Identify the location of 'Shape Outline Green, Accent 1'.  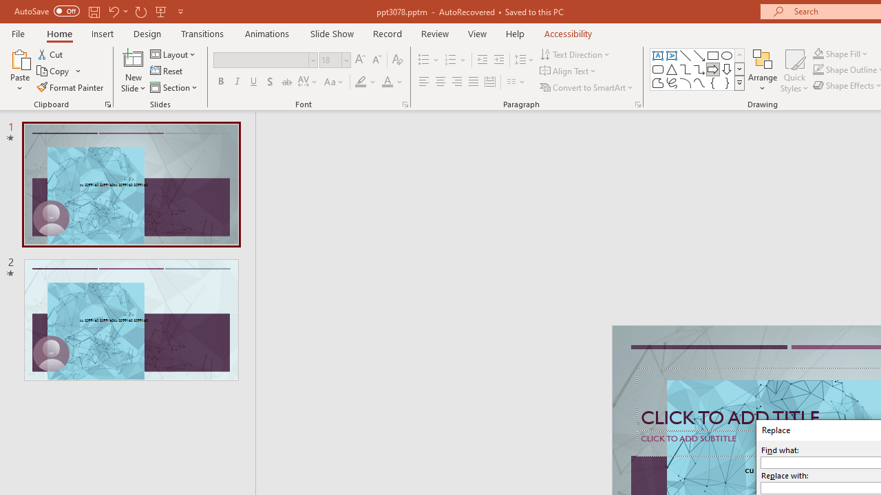
(818, 69).